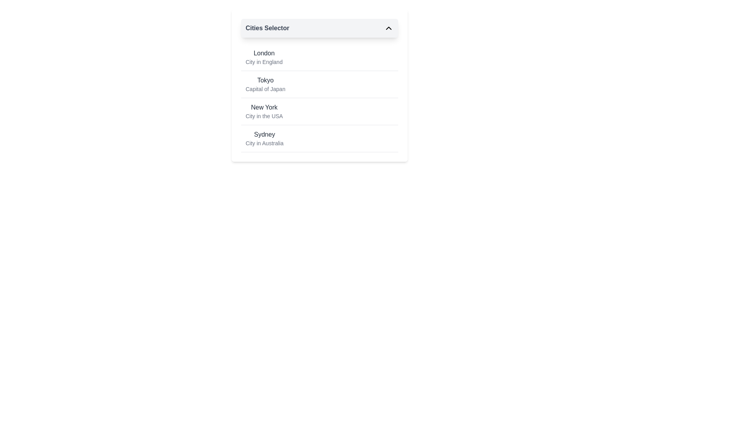  Describe the element at coordinates (265, 80) in the screenshot. I see `the text label displaying 'Tokyo' in the cities selection list, which is located under the heading 'Cities Selector' and positioned above 'Capital of Japan'` at that location.